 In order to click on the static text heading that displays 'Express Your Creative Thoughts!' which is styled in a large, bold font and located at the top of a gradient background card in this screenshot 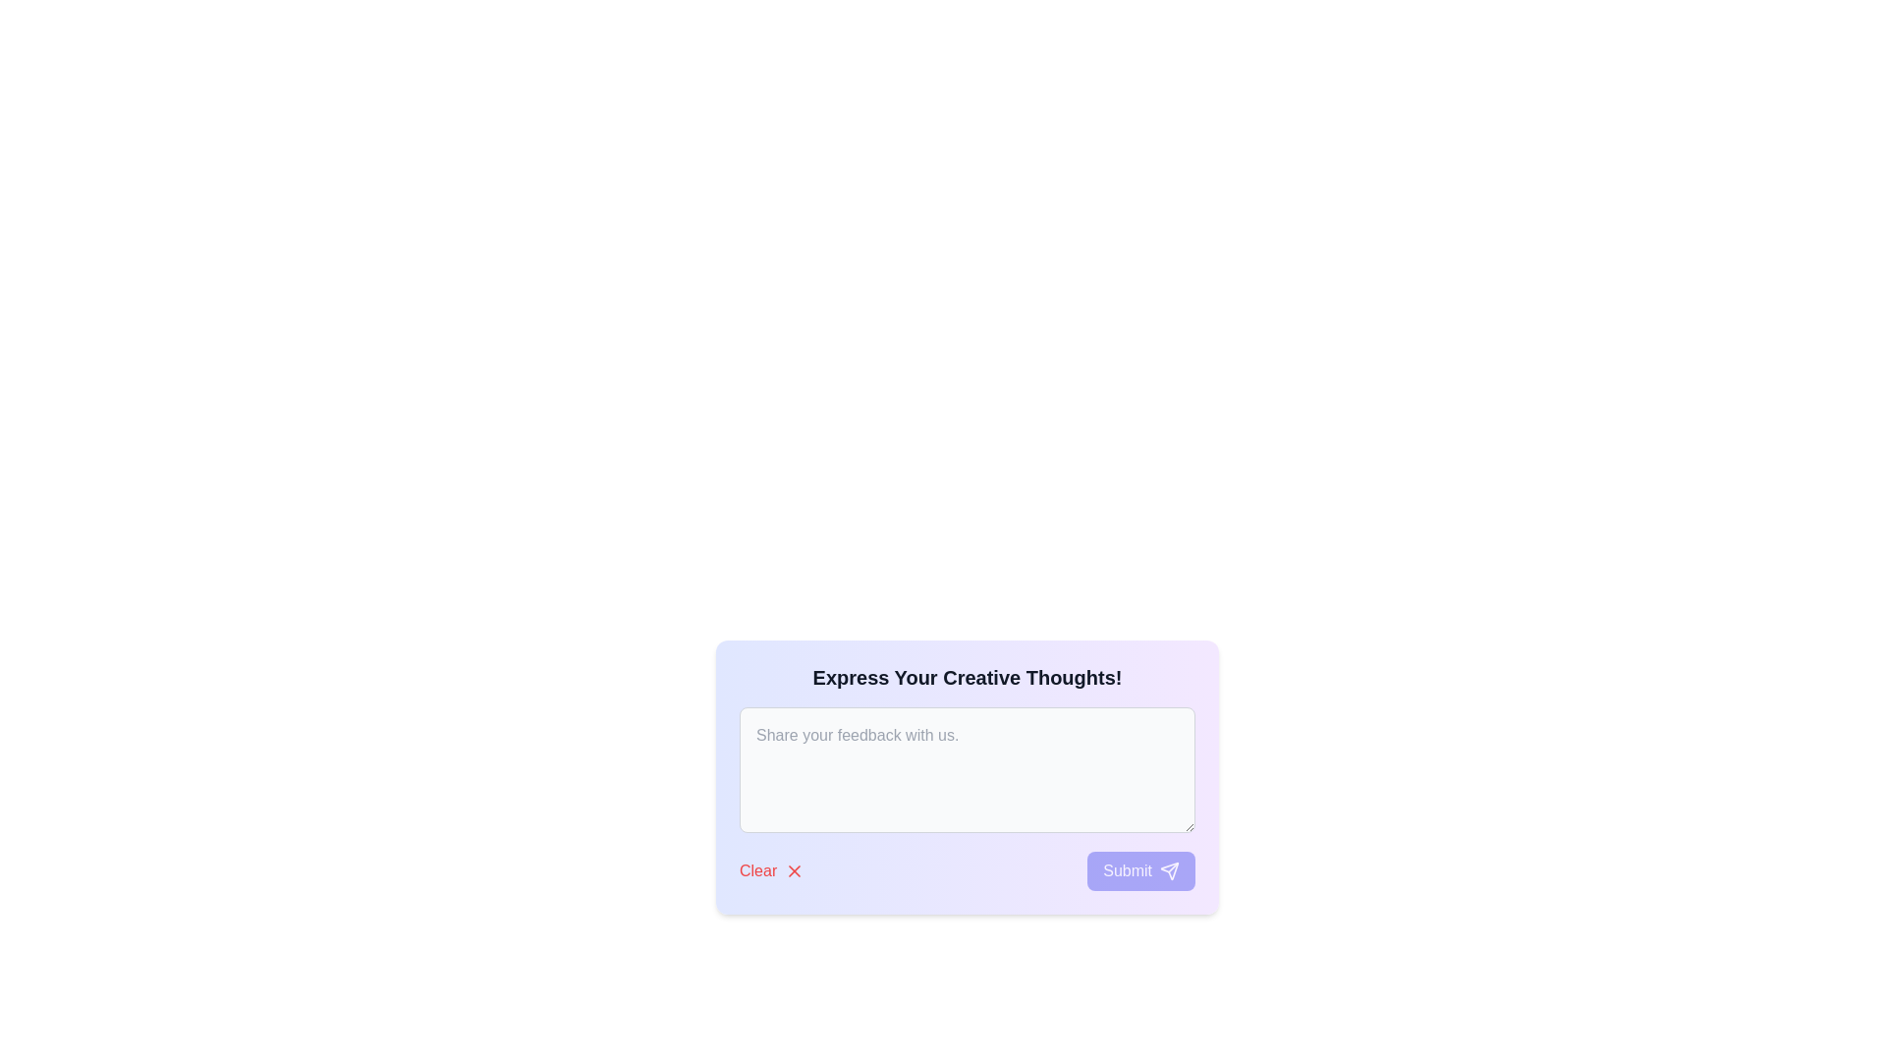, I will do `click(967, 677)`.